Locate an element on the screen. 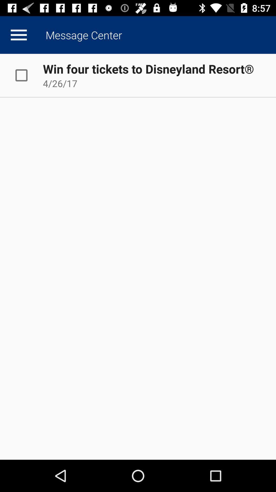  item below message center icon is located at coordinates (148, 68).